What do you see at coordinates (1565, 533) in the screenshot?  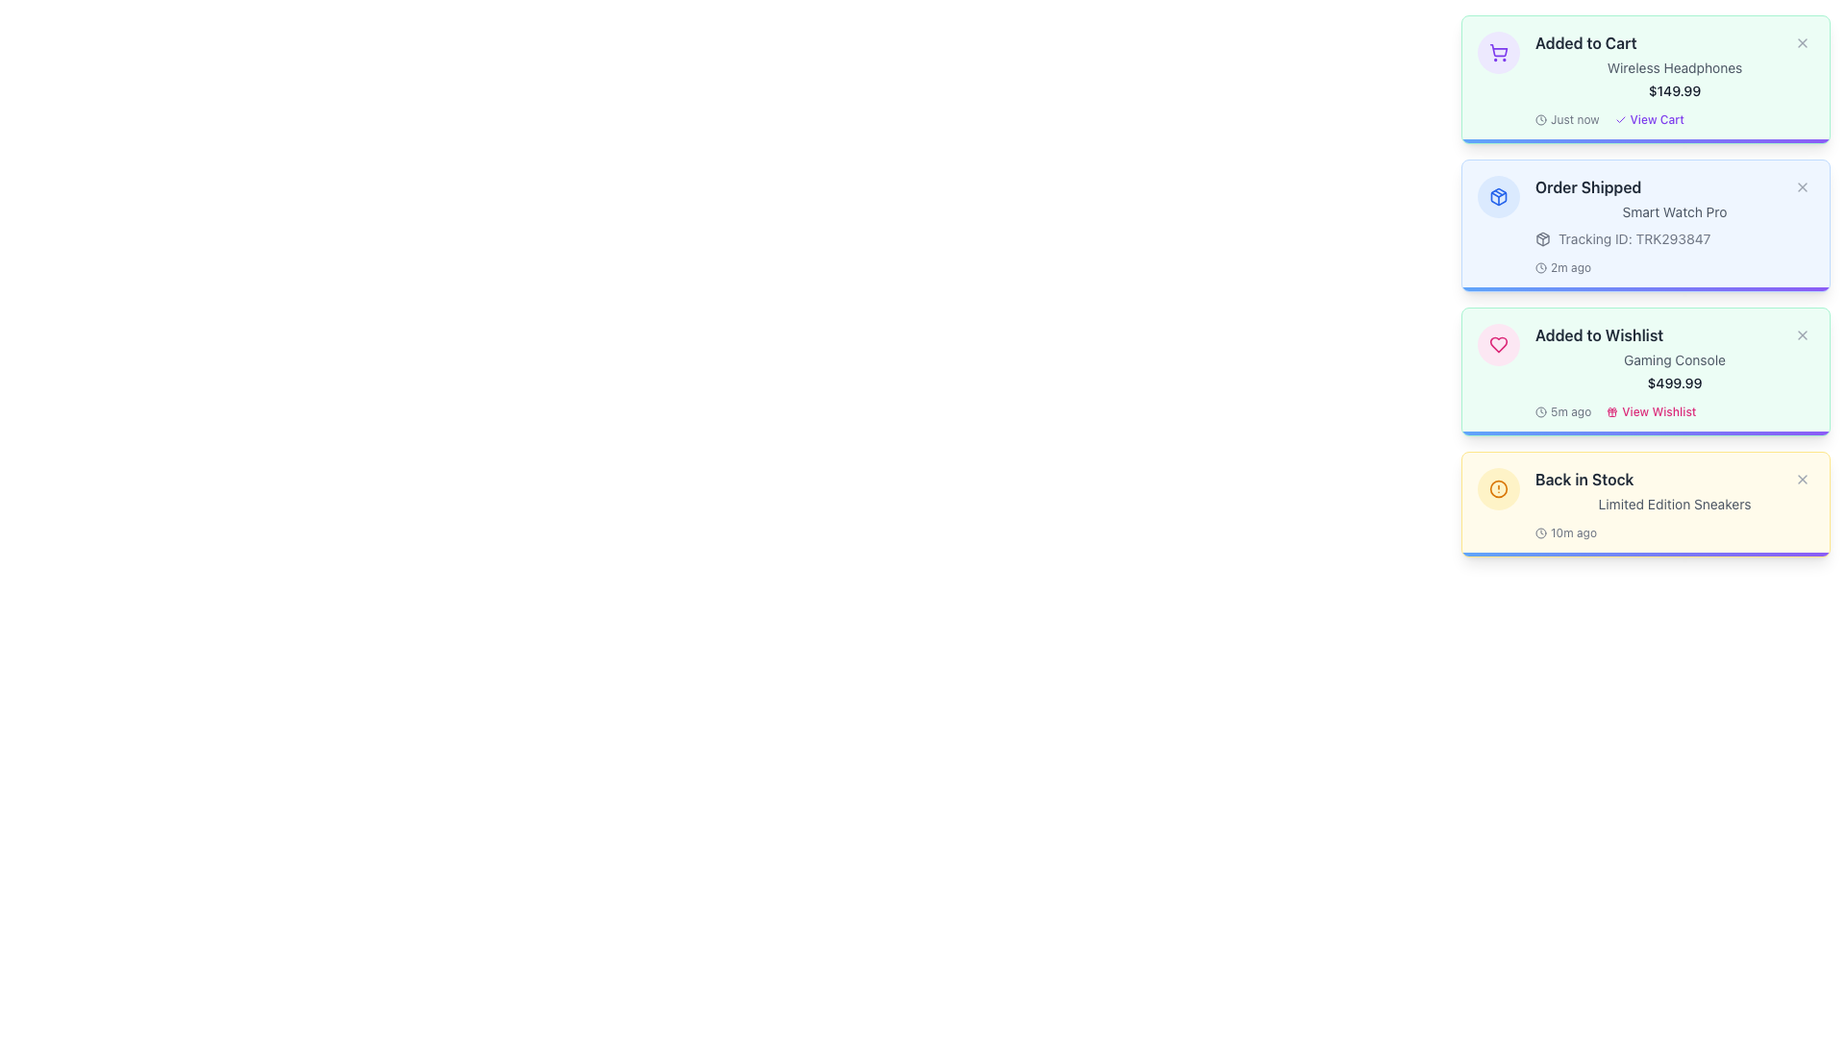 I see `the Timestamp indicator showing '10m ago' with a clock icon located at the bottom right of the 'Back in Stock' notification card` at bounding box center [1565, 533].